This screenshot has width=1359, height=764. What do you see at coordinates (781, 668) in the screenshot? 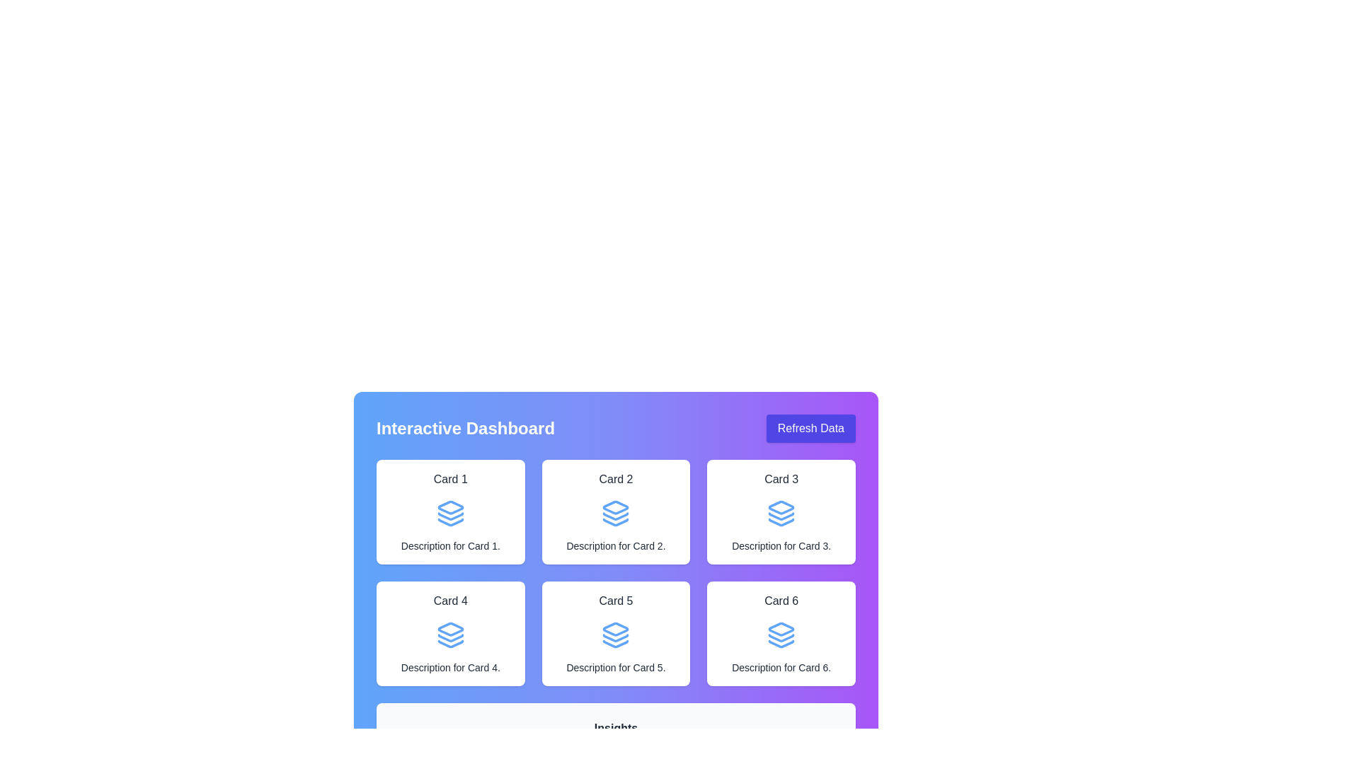
I see `the text element displaying 'Description for Card 6' located at the bottom of the sixth card in a dashboard layout` at bounding box center [781, 668].